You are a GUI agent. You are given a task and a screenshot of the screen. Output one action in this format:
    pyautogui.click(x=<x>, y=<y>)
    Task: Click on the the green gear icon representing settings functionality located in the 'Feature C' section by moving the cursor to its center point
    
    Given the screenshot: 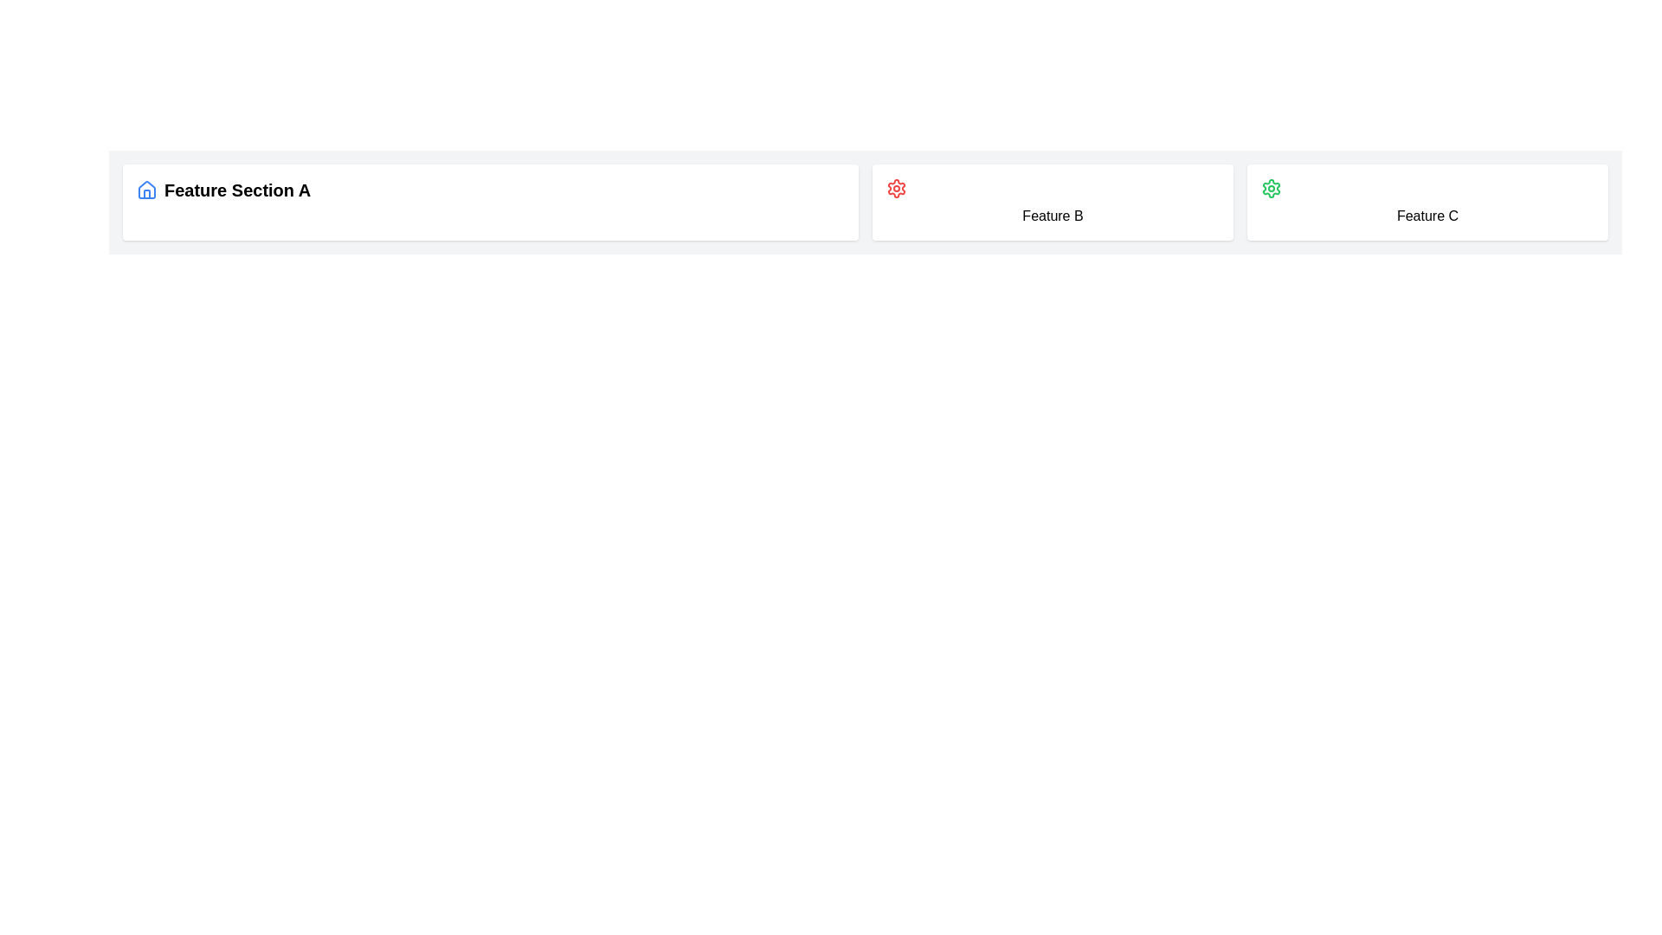 What is the action you would take?
    pyautogui.click(x=1271, y=189)
    